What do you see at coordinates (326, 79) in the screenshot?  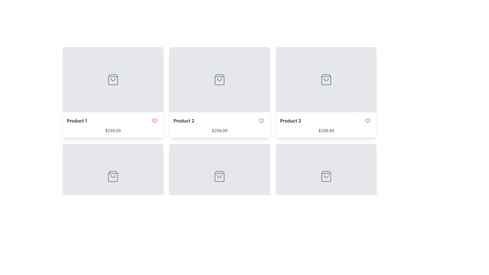 I see `the minimalist gray shopping bag icon located in the third card with the title 'Product 3' to proceed to a detailed view` at bounding box center [326, 79].